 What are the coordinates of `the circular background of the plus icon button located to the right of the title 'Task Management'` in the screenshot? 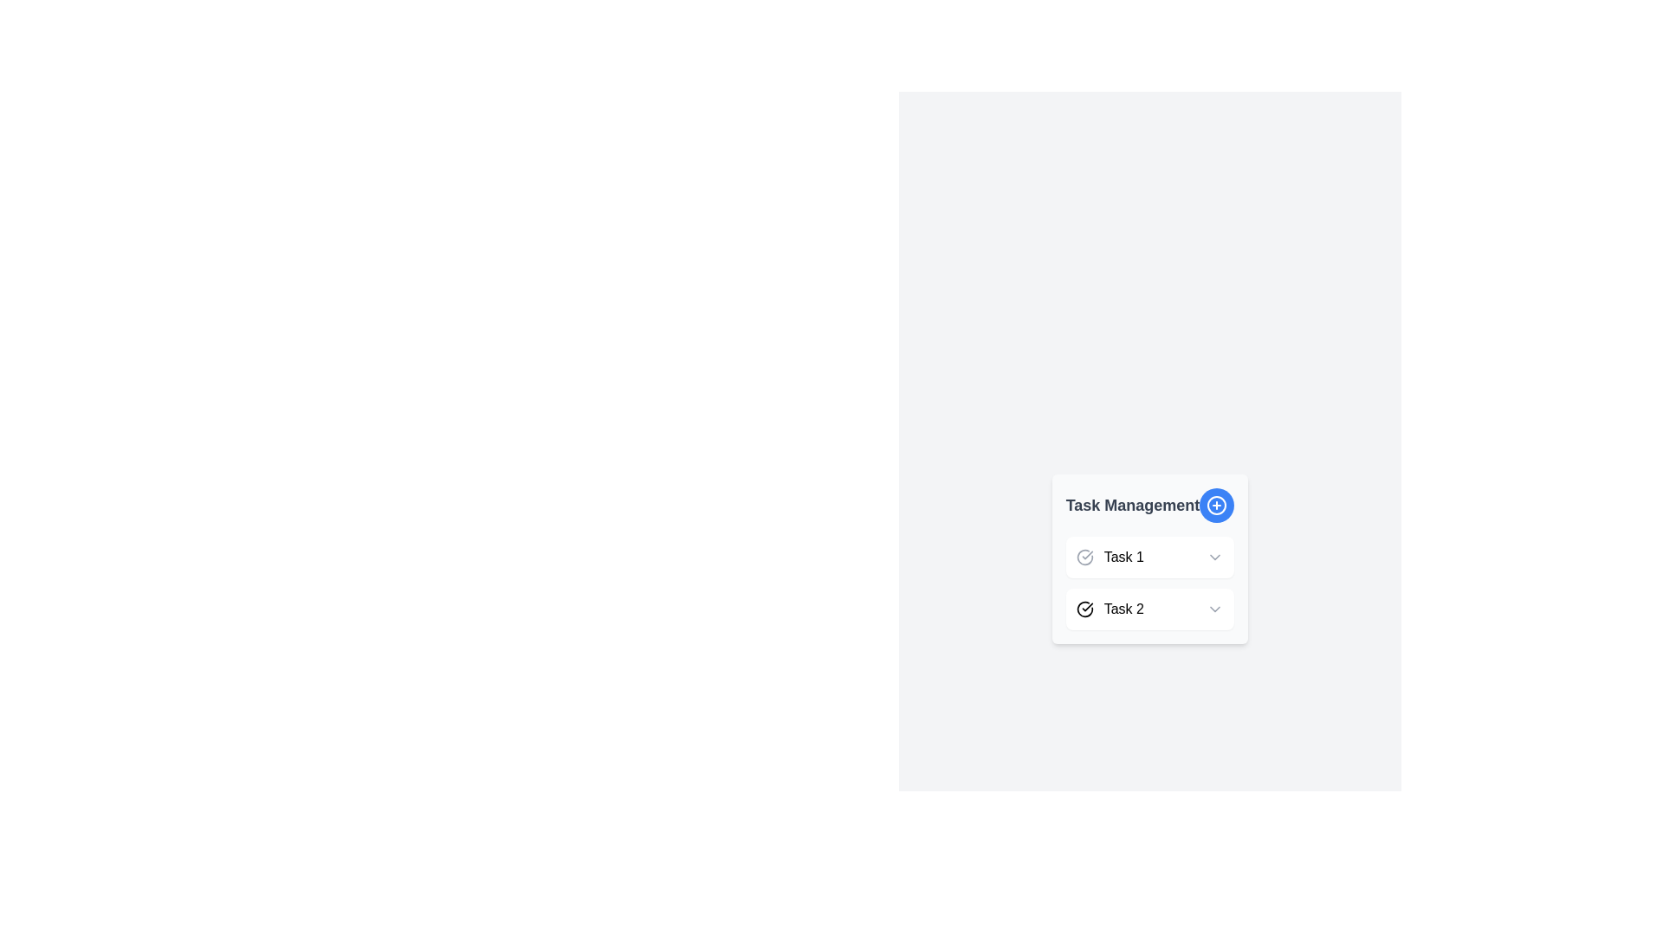 It's located at (1216, 505).